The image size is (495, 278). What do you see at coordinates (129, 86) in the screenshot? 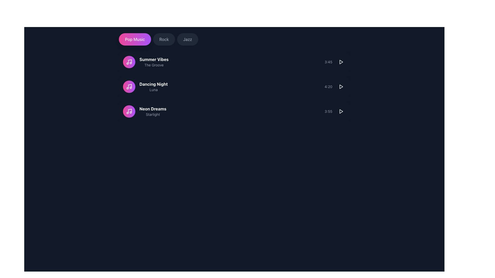
I see `the iconic graphical indicator element located to the left of the text labels 'Dancing Night' and 'Luna'` at bounding box center [129, 86].